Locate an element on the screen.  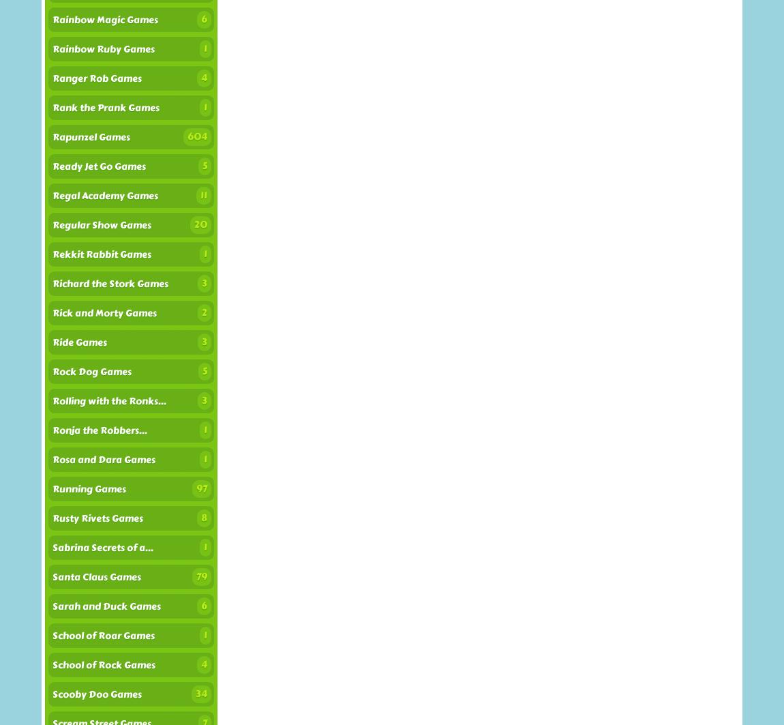
'604' is located at coordinates (197, 136).